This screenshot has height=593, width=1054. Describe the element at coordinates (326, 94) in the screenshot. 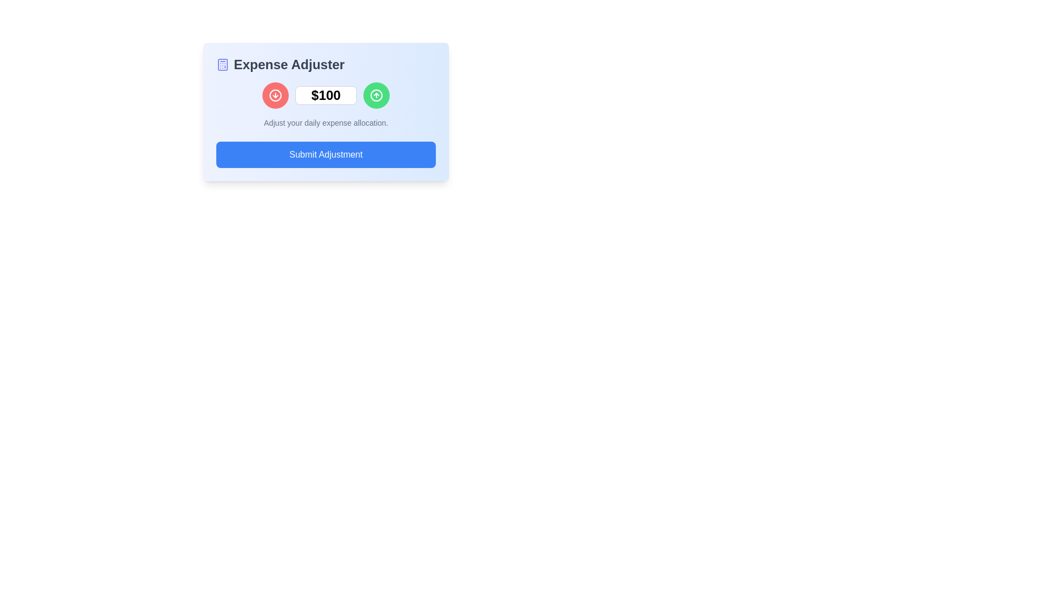

I see `the text input field displaying '$100' to focus and edit its value` at that location.